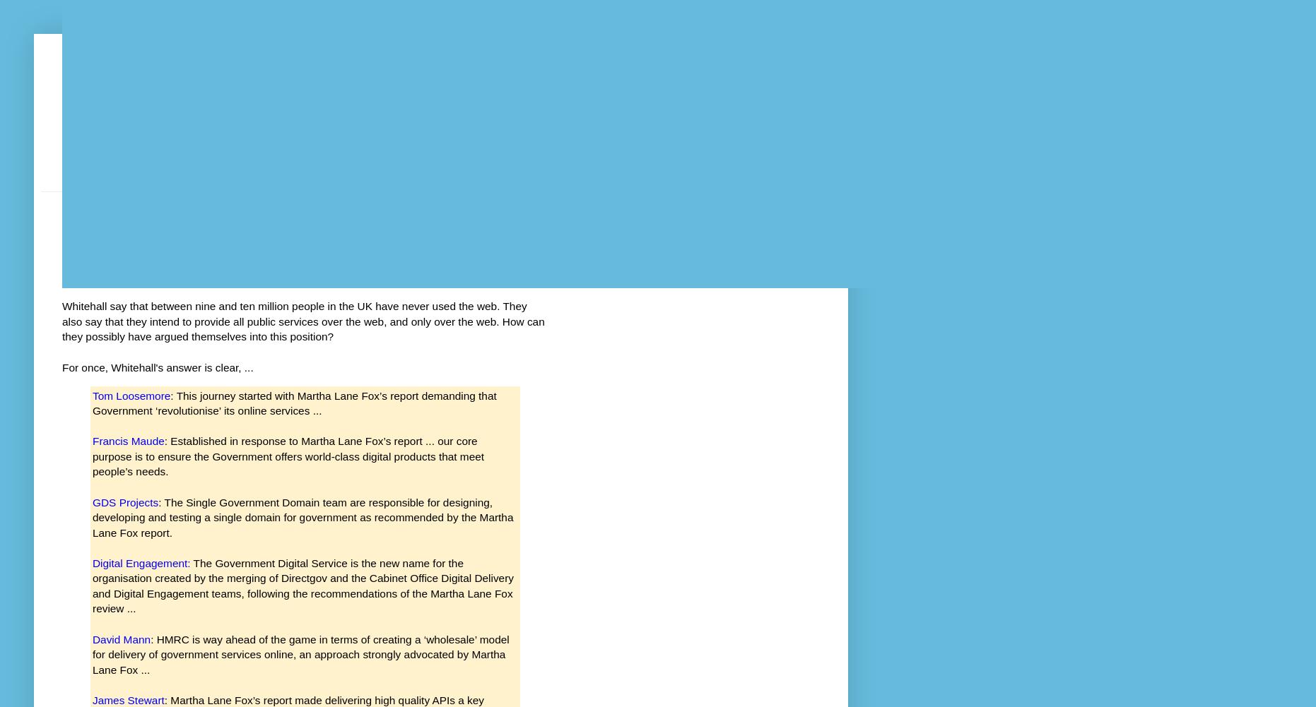 The width and height of the screenshot is (1316, 707). I want to click on 'Francis Maude', so click(127, 441).